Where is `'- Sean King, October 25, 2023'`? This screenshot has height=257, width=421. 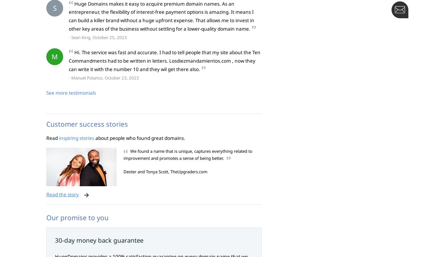 '- Sean King, October 25, 2023' is located at coordinates (97, 37).